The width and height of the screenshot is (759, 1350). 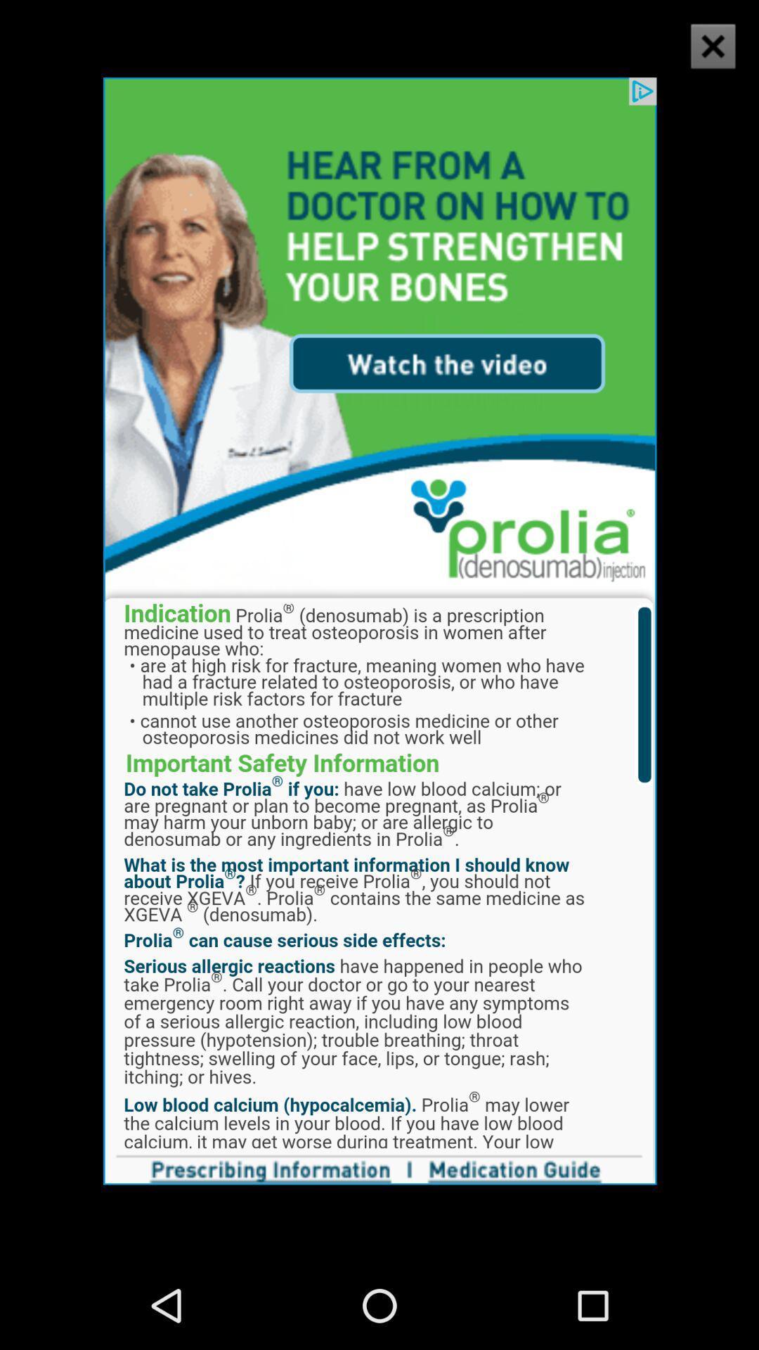 I want to click on the close icon, so click(x=703, y=58).